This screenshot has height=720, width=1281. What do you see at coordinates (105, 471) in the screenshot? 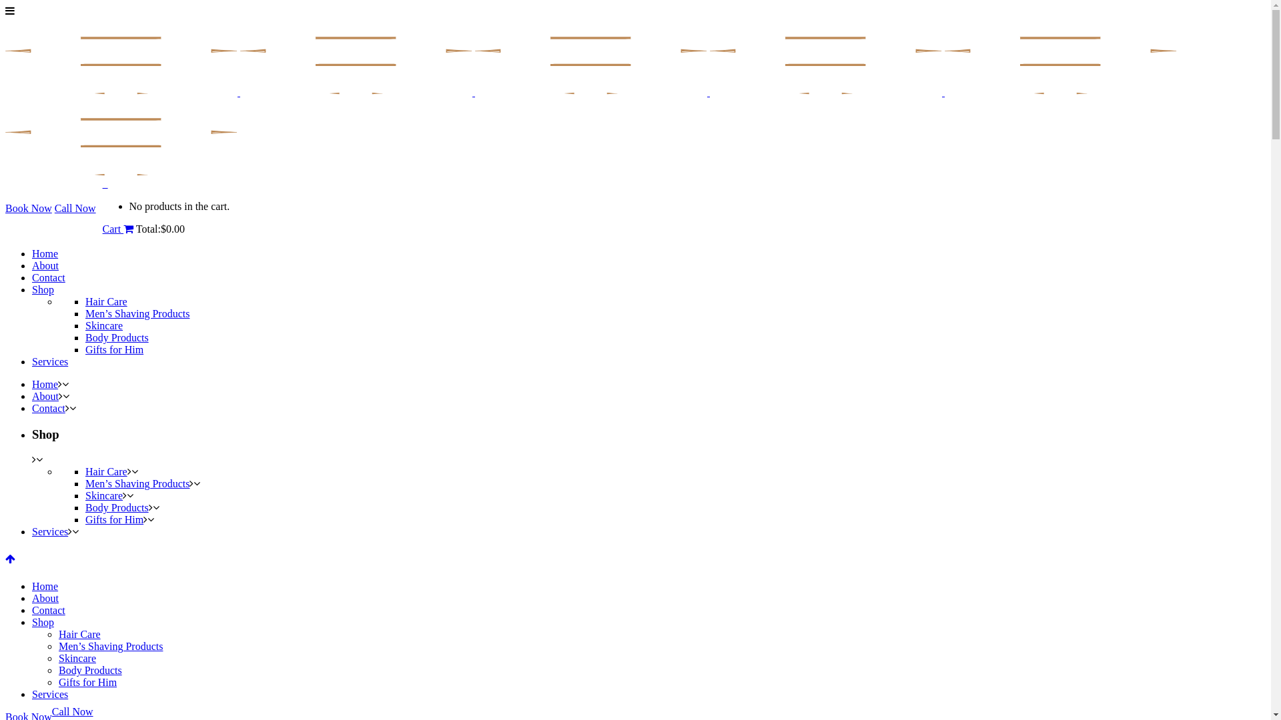
I see `'Hair Care'` at bounding box center [105, 471].